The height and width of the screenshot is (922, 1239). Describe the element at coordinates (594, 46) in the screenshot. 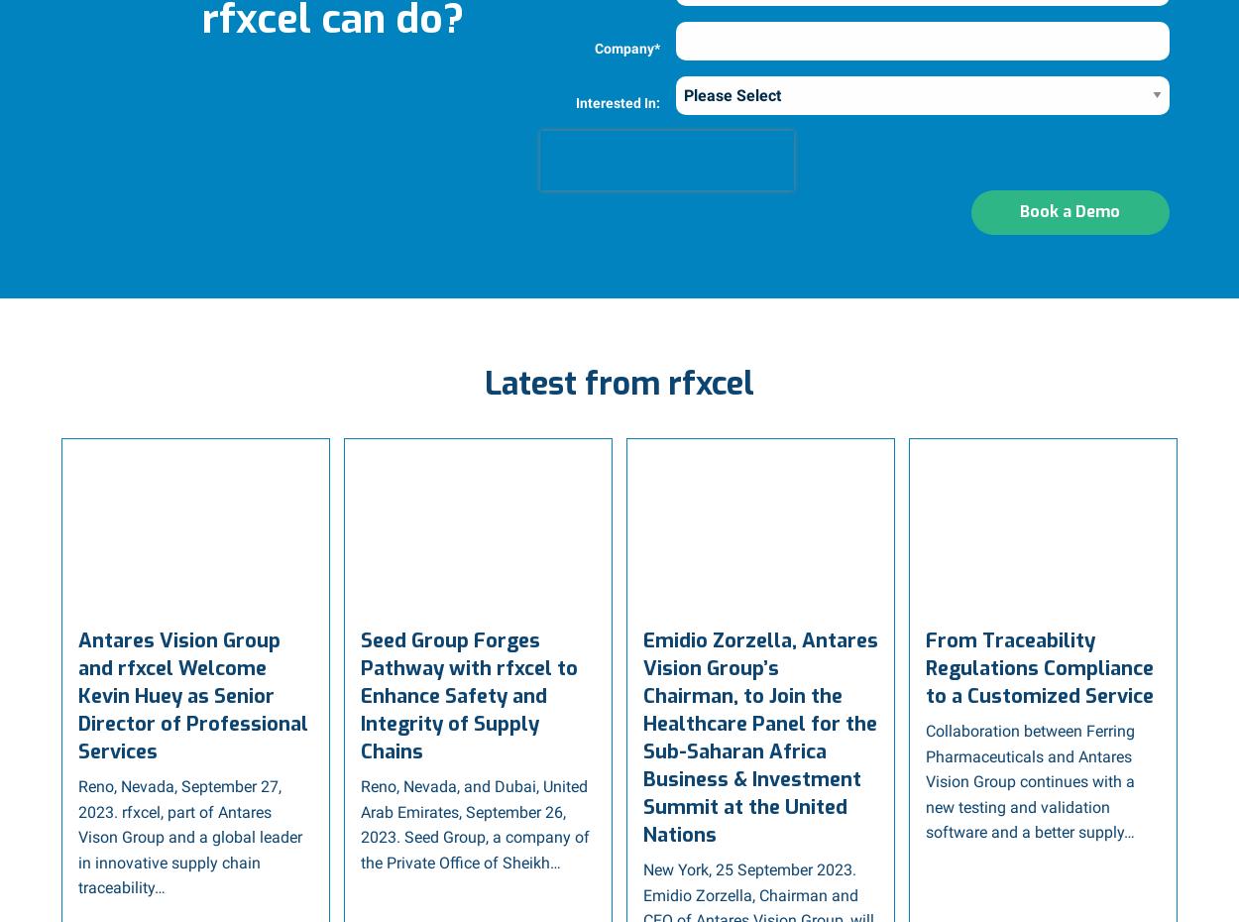

I see `'Company'` at that location.